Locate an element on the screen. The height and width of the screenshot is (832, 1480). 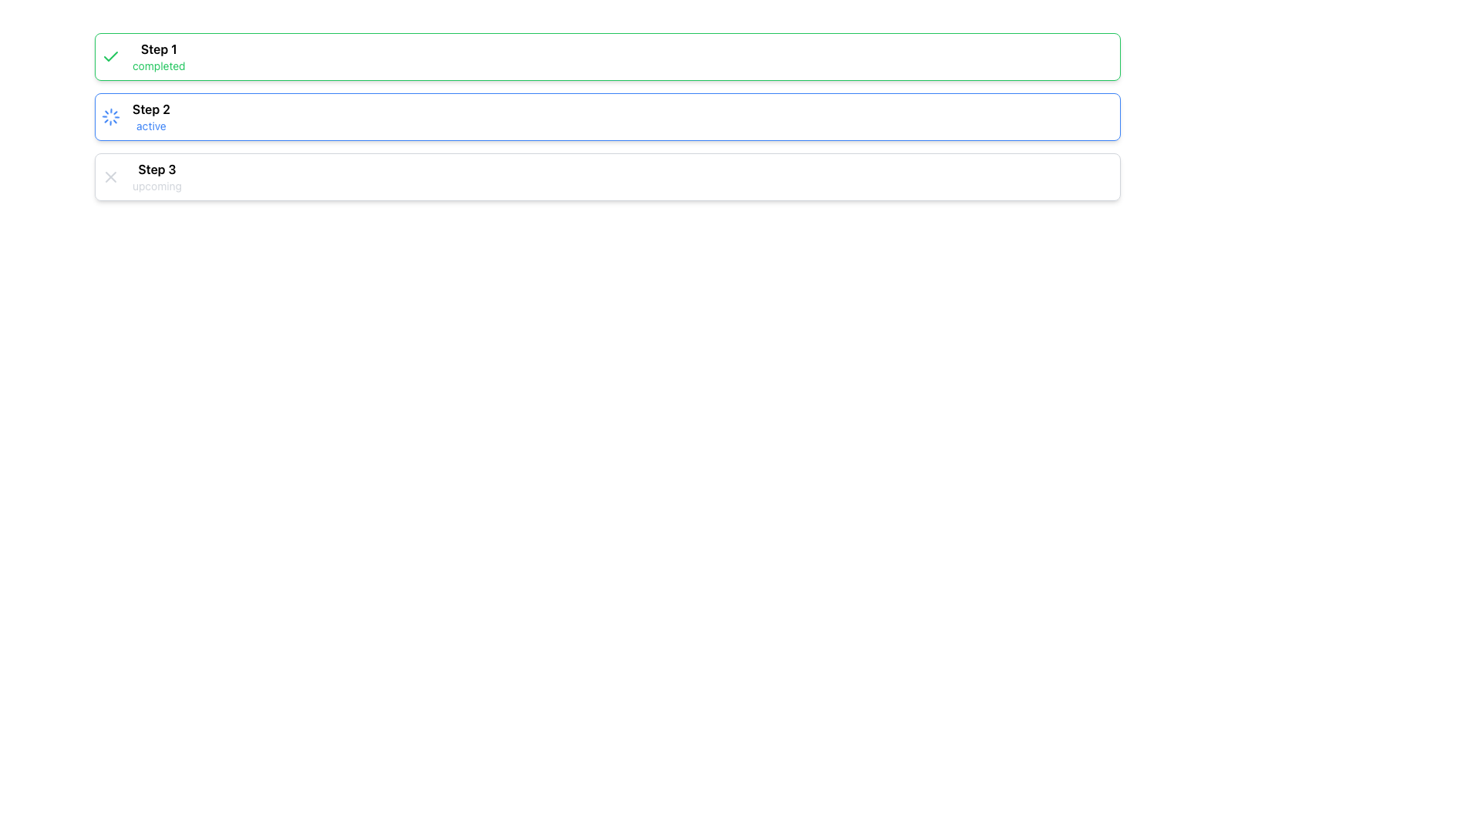
the text label indicating the title of 'Step 1 completed', which signifies that this step exists and has been completed is located at coordinates (159, 49).